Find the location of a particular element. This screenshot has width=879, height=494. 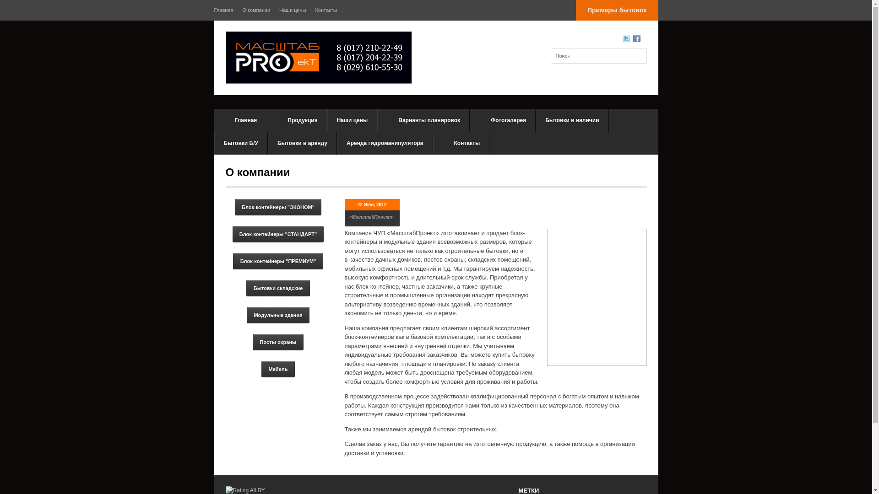

'twitter' is located at coordinates (626, 38).